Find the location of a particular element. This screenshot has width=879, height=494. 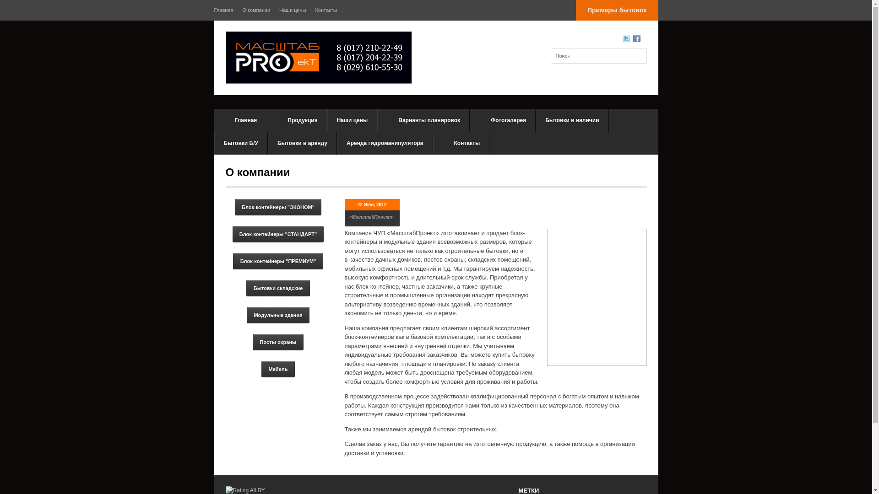

'twitter' is located at coordinates (626, 38).